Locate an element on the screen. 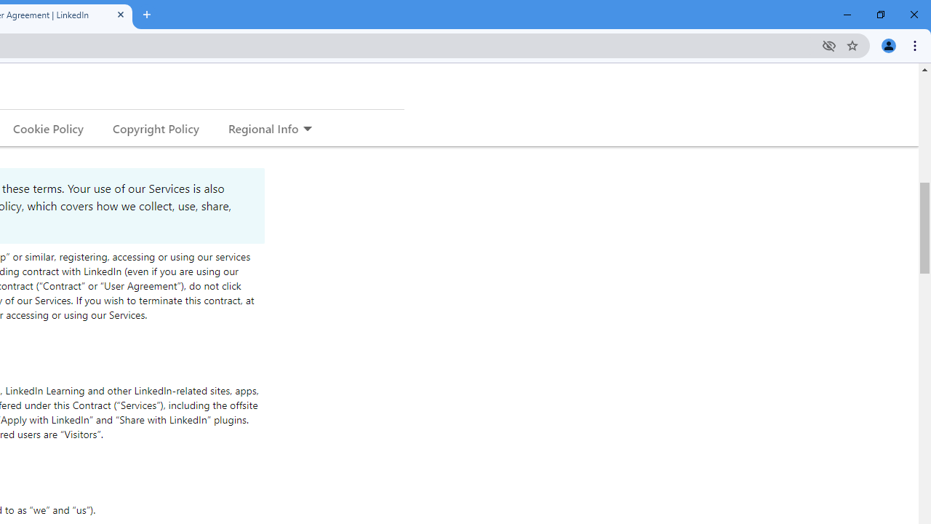 This screenshot has height=524, width=931. 'Copyright Policy' is located at coordinates (155, 127).